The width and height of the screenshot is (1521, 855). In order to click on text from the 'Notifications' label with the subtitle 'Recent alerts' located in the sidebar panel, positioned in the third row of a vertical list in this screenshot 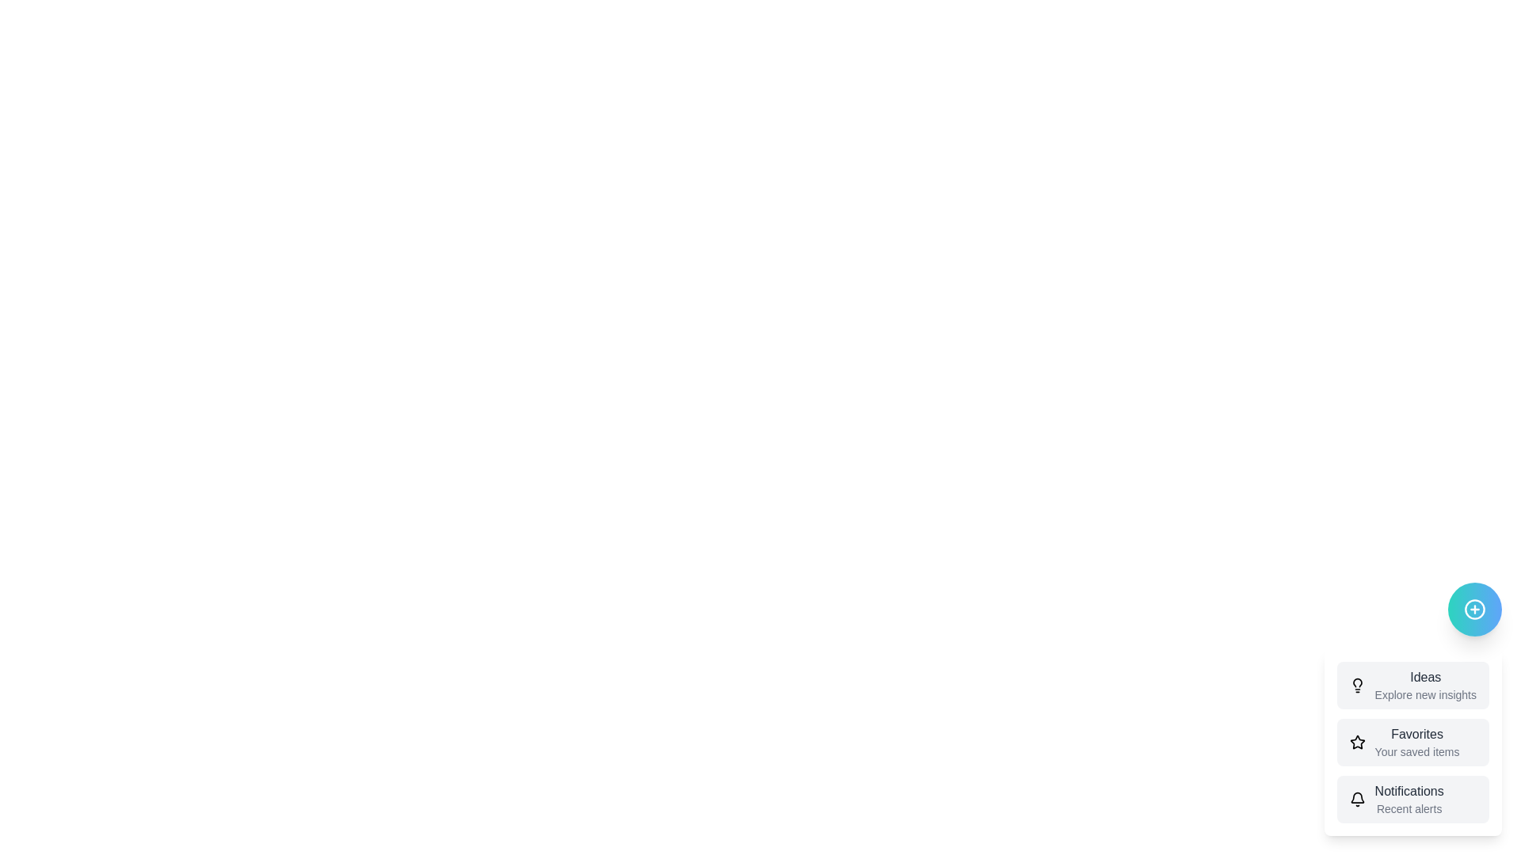, I will do `click(1409, 800)`.